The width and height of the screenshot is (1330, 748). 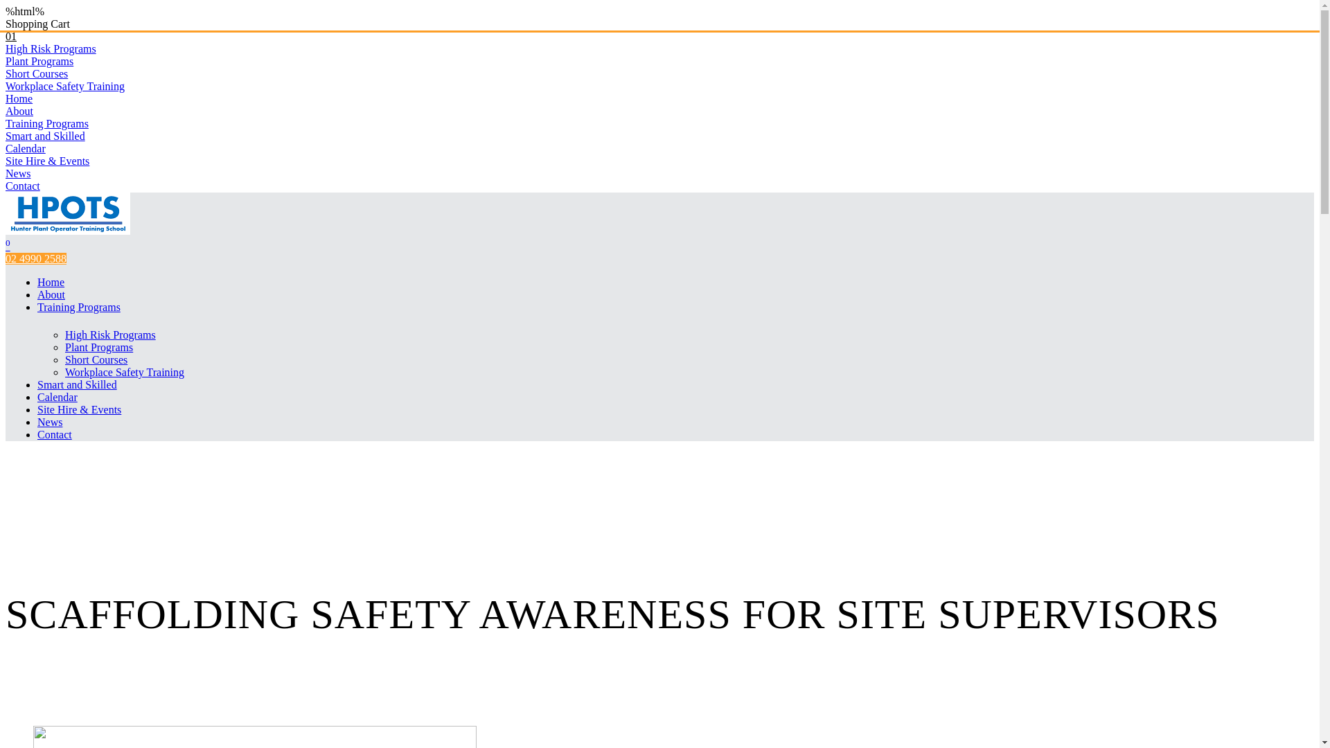 I want to click on 'Smart and Skilled', so click(x=76, y=384).